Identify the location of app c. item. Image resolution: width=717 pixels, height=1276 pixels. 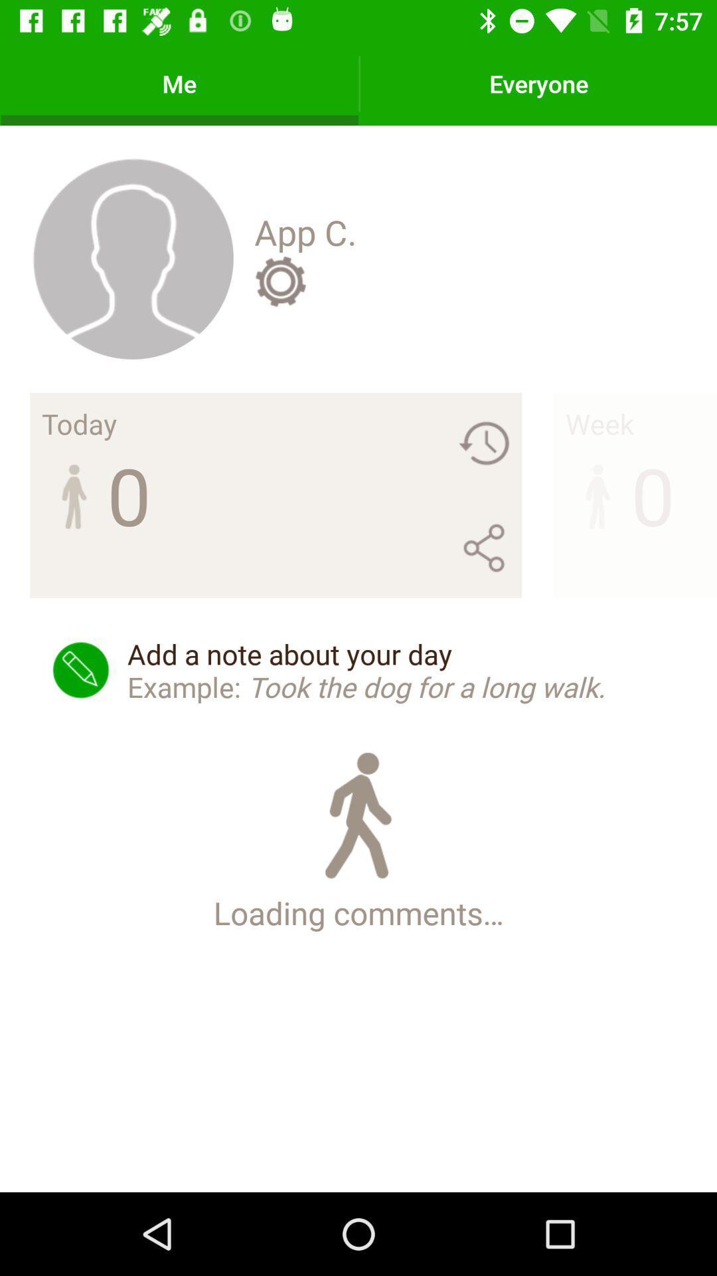
(305, 232).